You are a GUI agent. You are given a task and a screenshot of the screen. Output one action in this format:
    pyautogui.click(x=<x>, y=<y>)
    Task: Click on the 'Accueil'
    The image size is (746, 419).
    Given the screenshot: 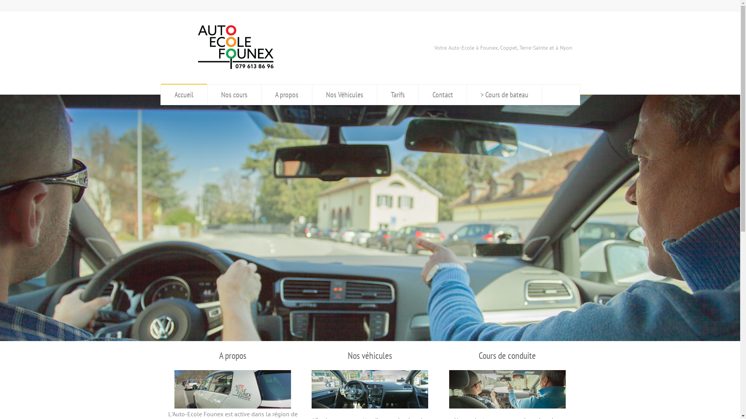 What is the action you would take?
    pyautogui.click(x=183, y=94)
    